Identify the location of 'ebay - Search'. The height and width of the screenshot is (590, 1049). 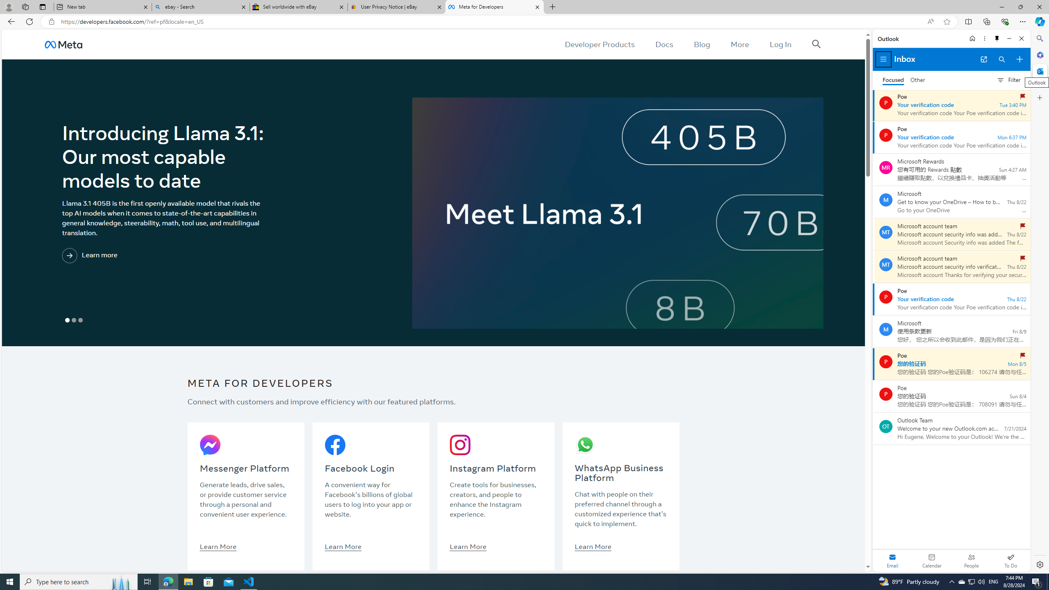
(200, 7).